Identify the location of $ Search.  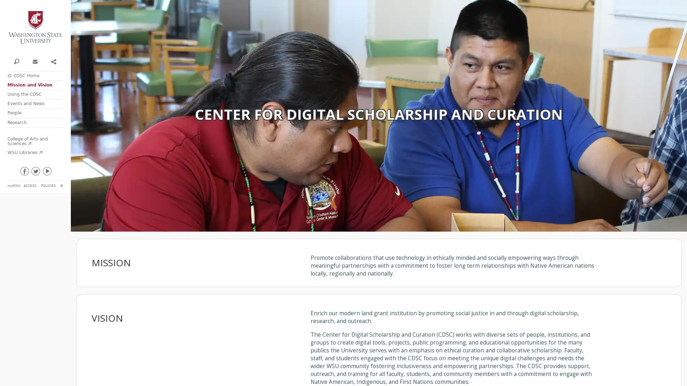
(16, 60).